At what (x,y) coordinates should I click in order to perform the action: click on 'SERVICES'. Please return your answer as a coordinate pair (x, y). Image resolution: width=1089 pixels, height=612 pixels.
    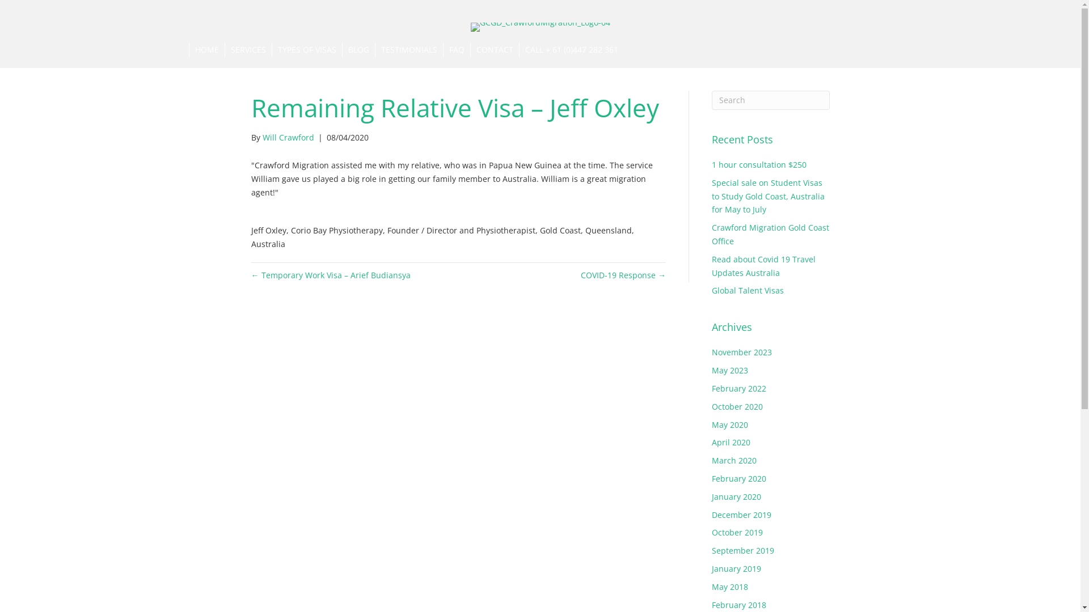
    Looking at the image, I should click on (224, 49).